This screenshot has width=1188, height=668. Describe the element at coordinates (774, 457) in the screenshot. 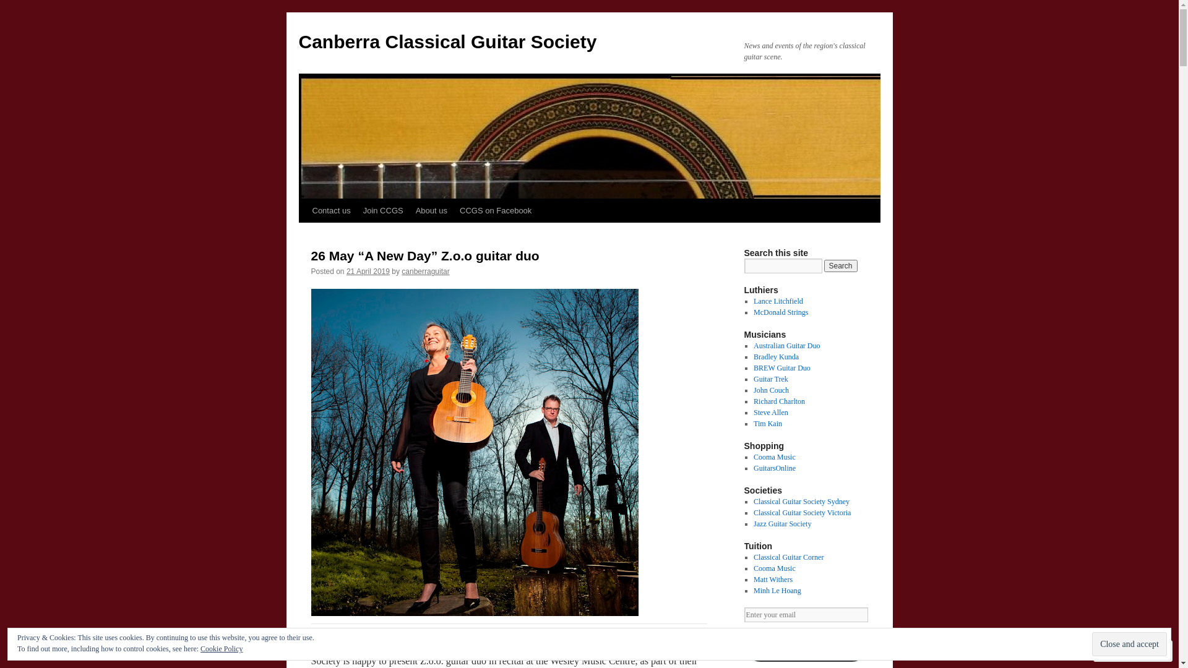

I see `'Cooma Music'` at that location.